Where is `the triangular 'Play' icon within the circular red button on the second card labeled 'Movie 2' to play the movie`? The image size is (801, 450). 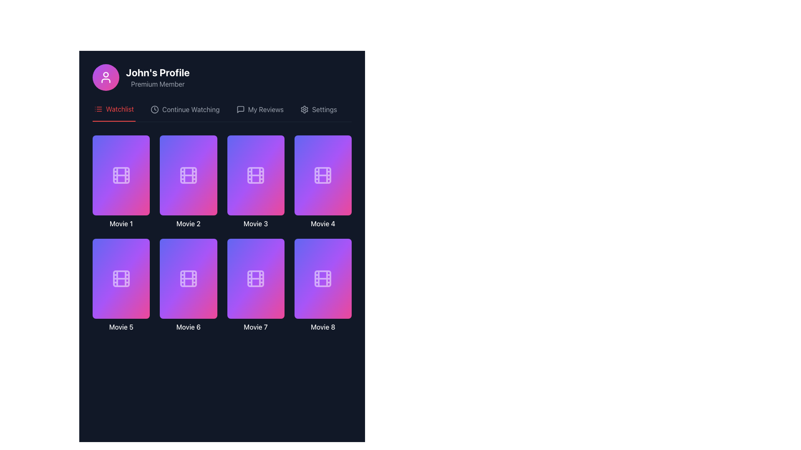
the triangular 'Play' icon within the circular red button on the second card labeled 'Movie 2' to play the movie is located at coordinates (188, 171).